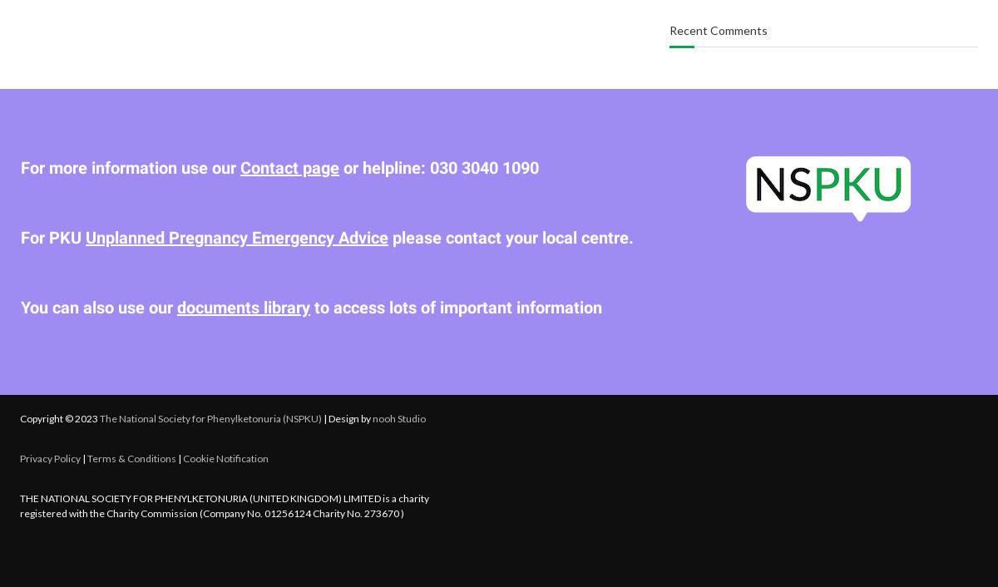 This screenshot has width=998, height=587. I want to click on '| Design by', so click(347, 417).